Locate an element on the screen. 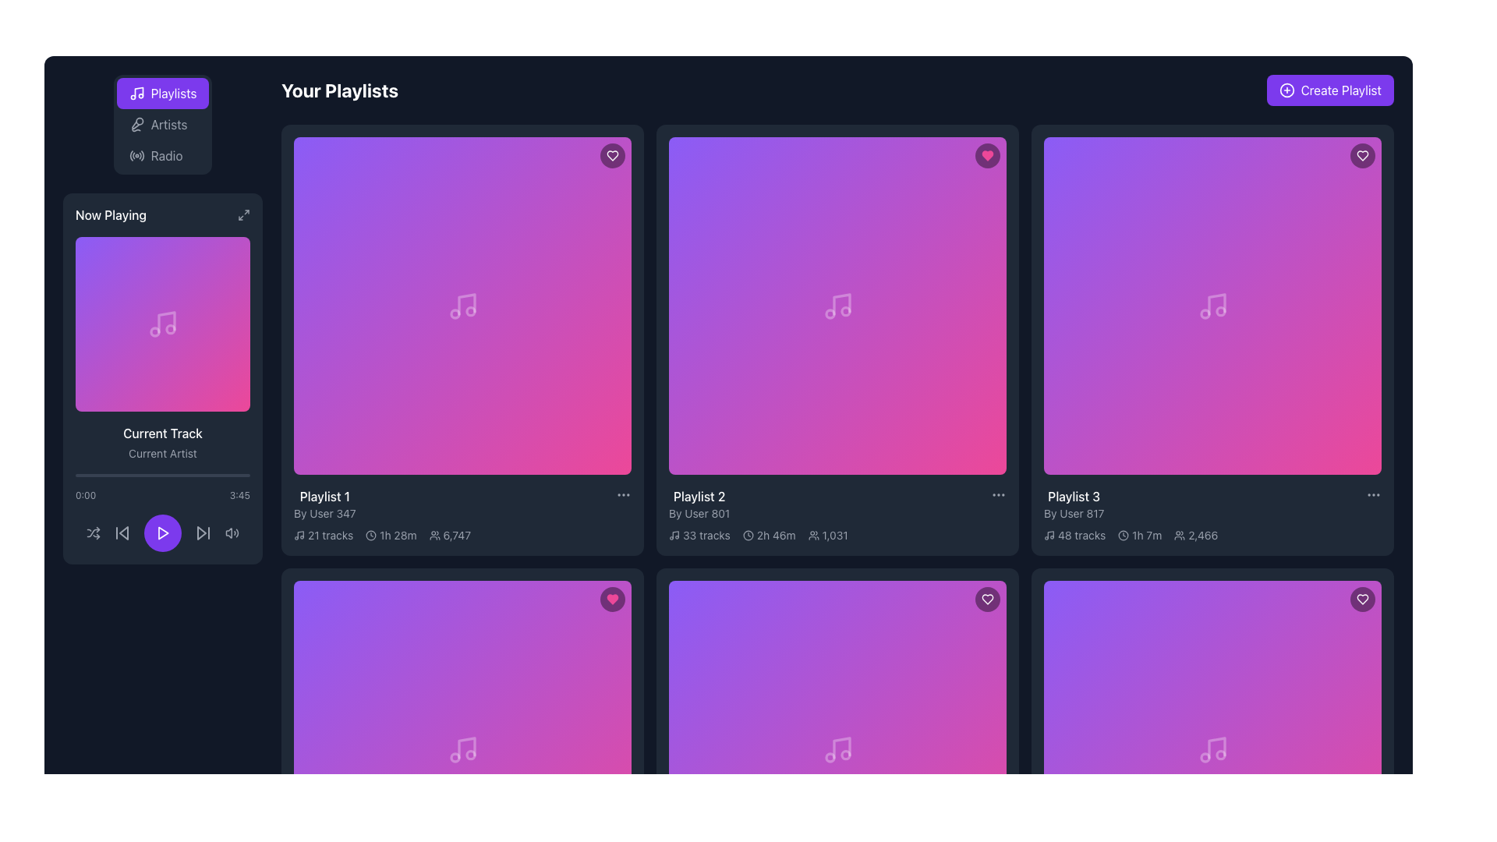  text from the label displaying 'Current Track' in white font, located in the 'Now Playing' section of the left sidebar, positioned below the album artwork and above the 'Current Artist' label is located at coordinates (163, 433).